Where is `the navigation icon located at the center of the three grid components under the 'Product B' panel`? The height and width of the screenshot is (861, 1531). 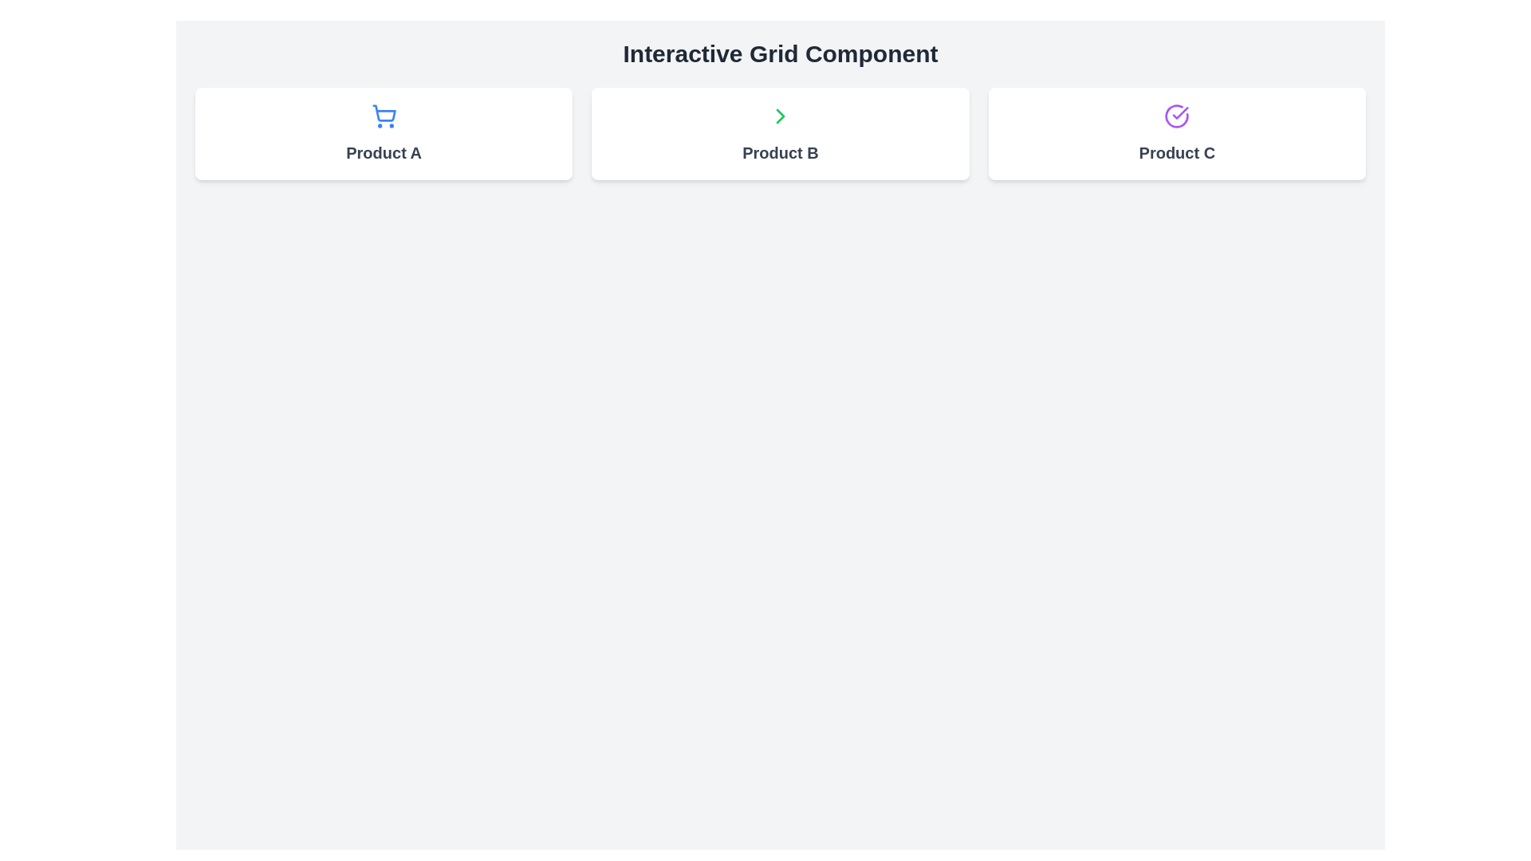 the navigation icon located at the center of the three grid components under the 'Product B' panel is located at coordinates (781, 116).